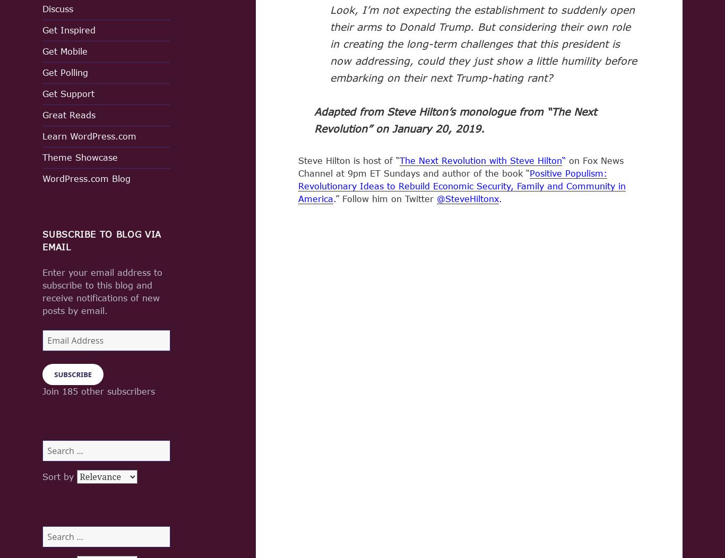  What do you see at coordinates (386, 198) in the screenshot?
I see `'” Follow him on Twitter'` at bounding box center [386, 198].